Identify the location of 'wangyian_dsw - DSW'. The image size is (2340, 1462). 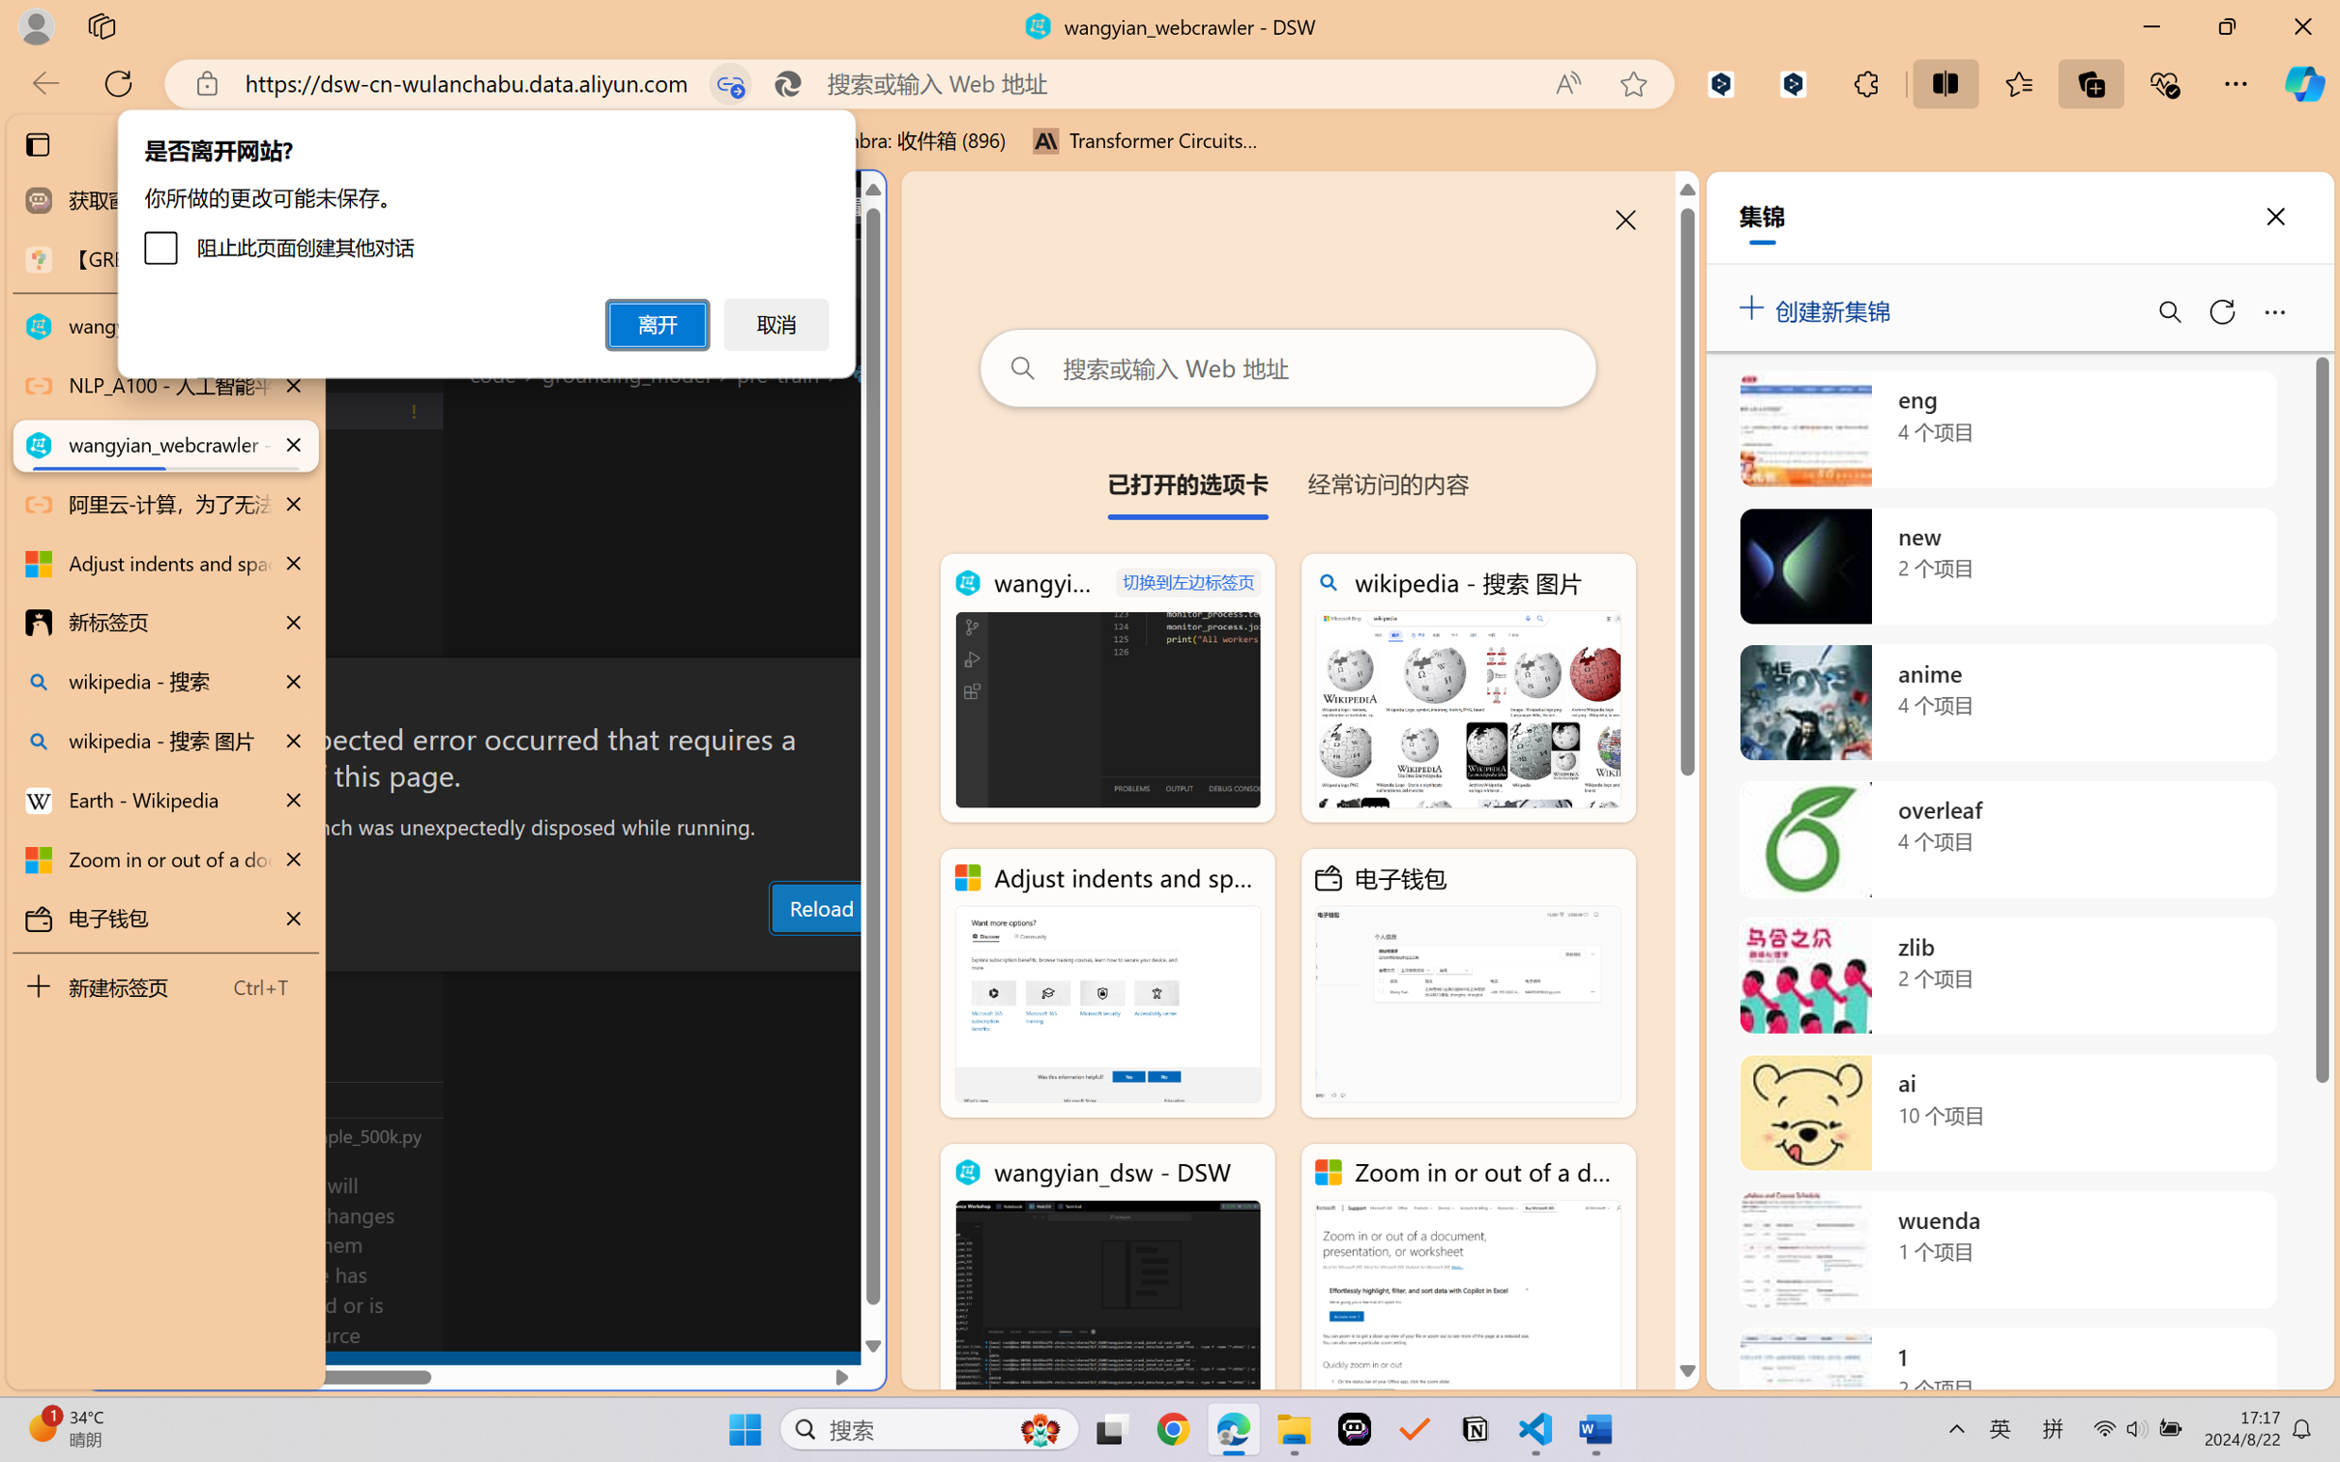
(1107, 1277).